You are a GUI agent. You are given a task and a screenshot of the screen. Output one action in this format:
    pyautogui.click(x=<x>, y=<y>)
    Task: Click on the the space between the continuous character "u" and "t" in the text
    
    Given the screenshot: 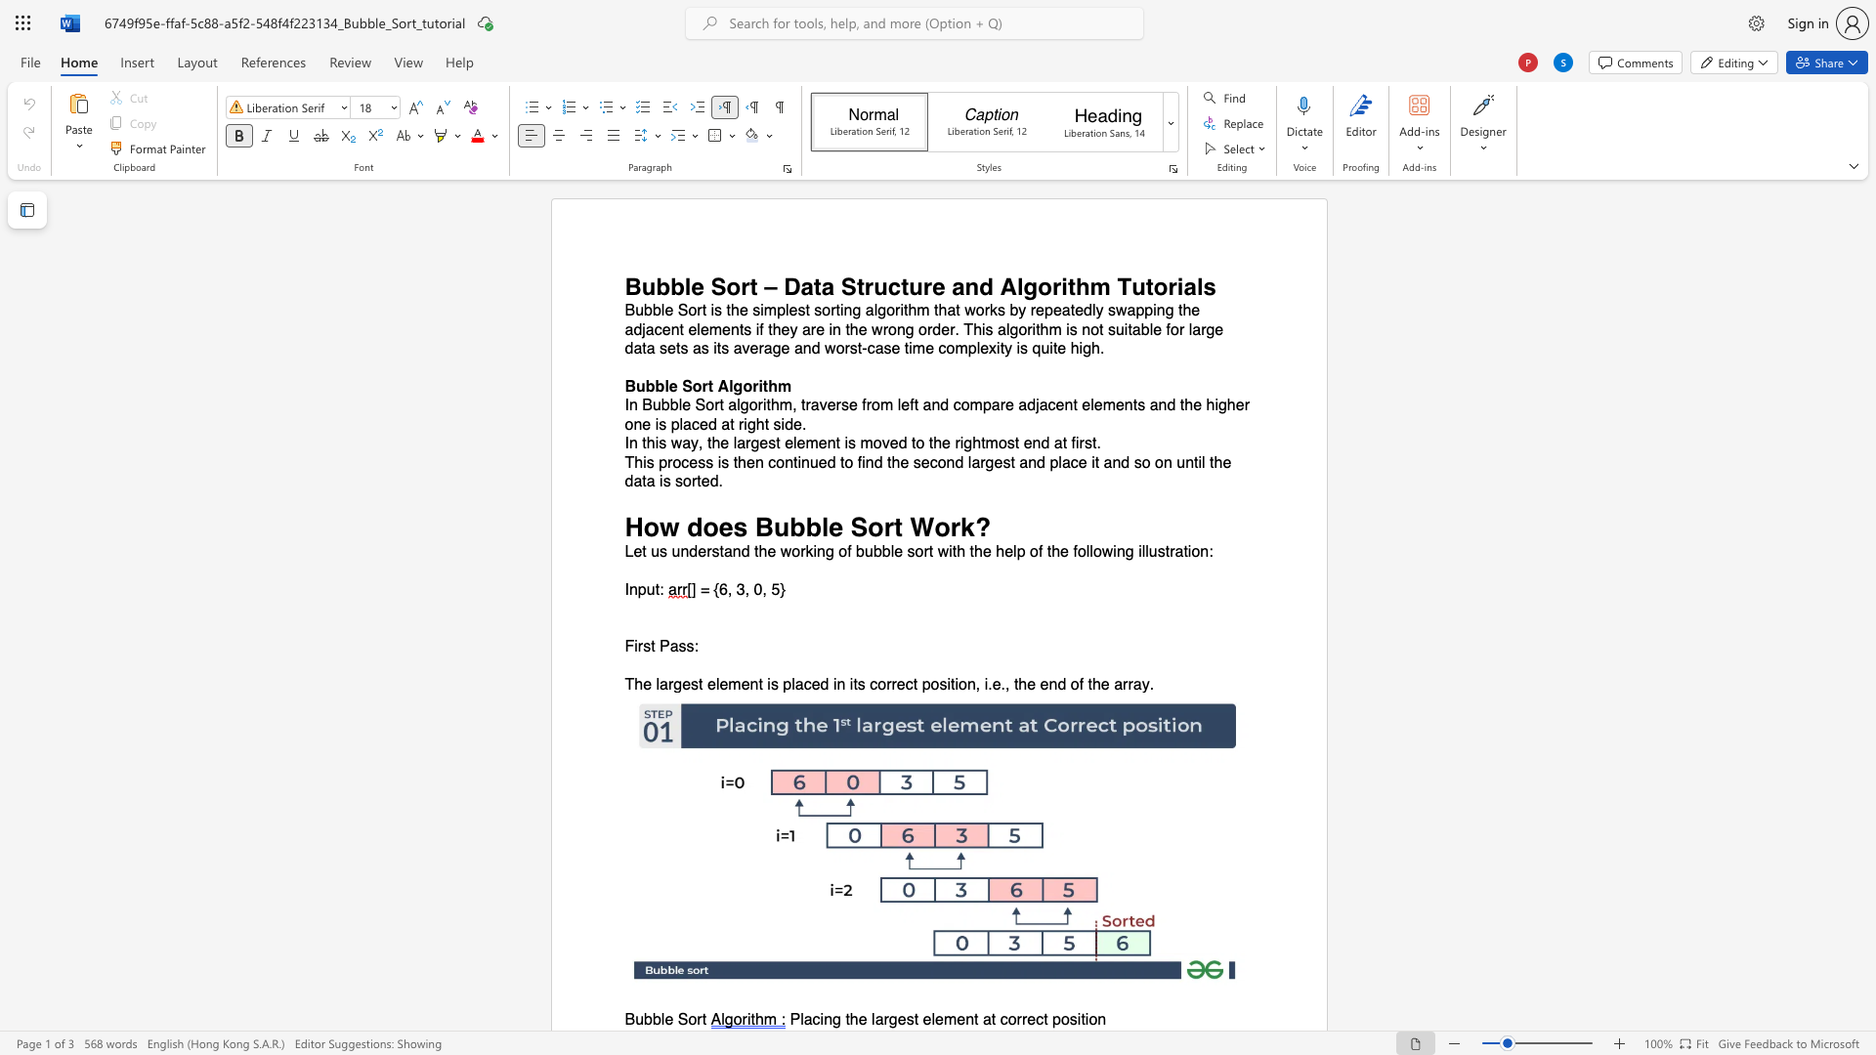 What is the action you would take?
    pyautogui.click(x=1144, y=286)
    